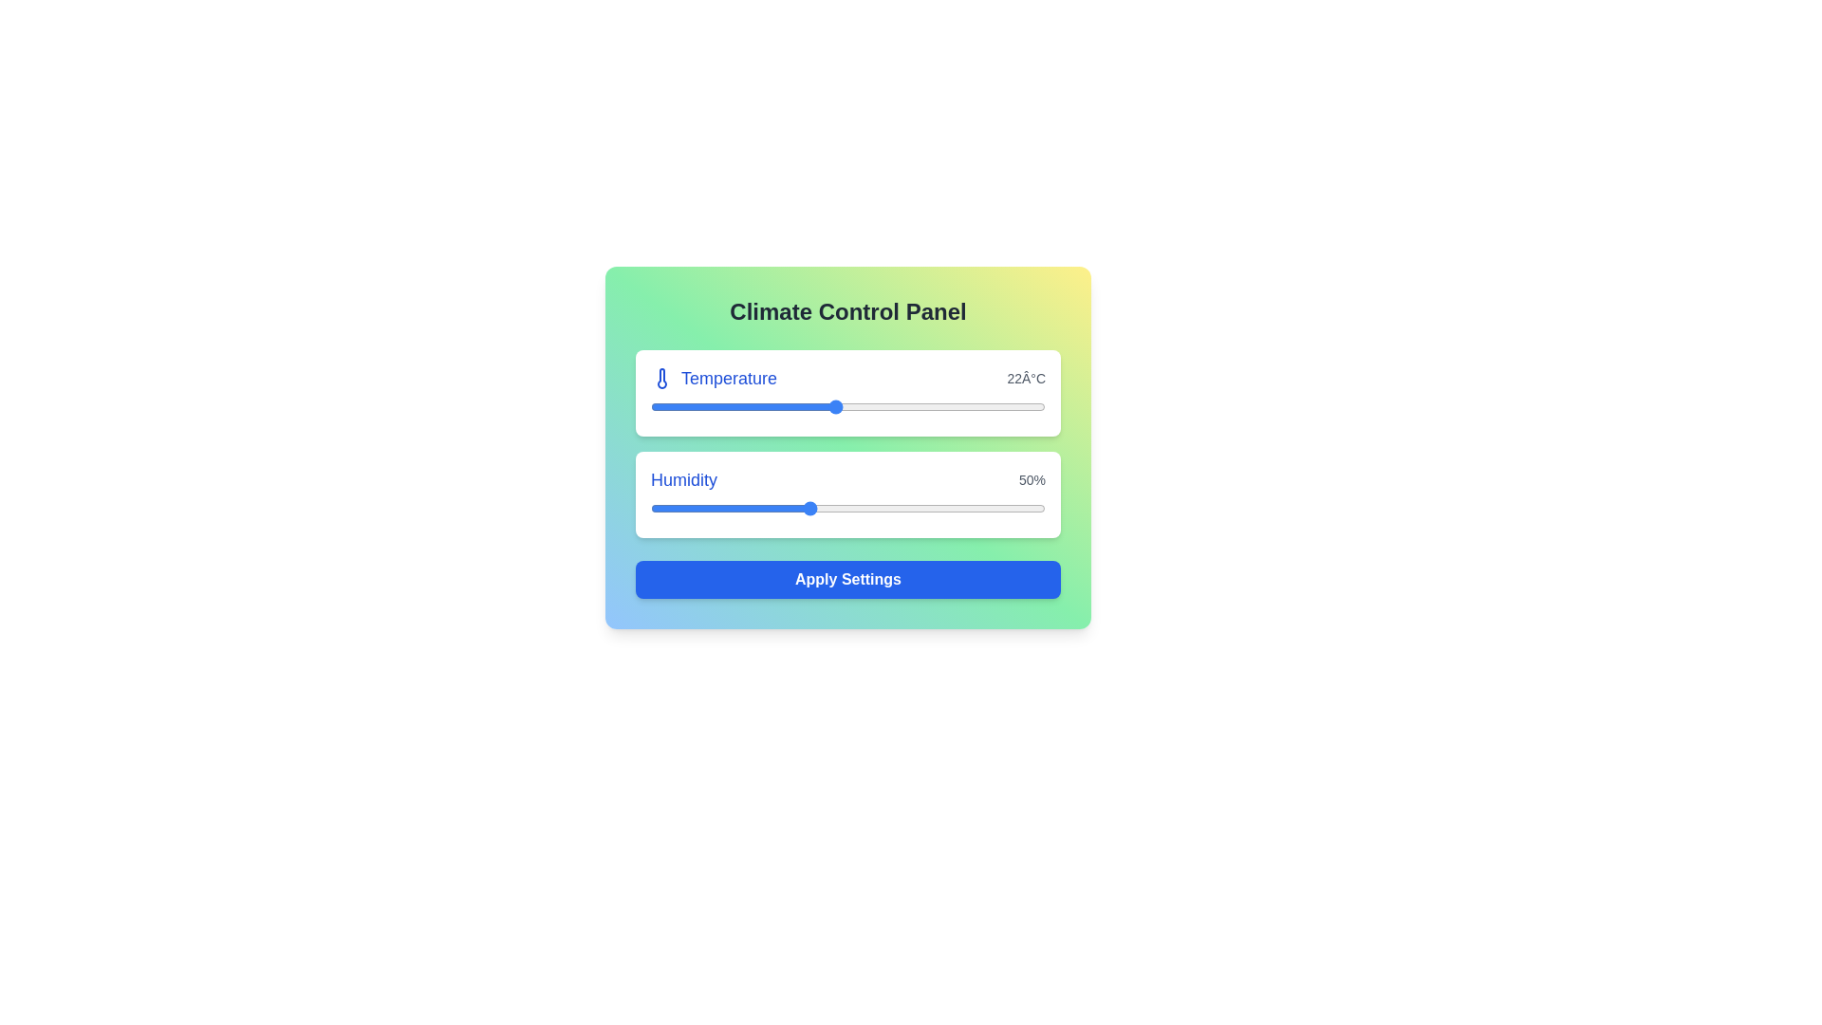  What do you see at coordinates (689, 508) in the screenshot?
I see `the humidity level` at bounding box center [689, 508].